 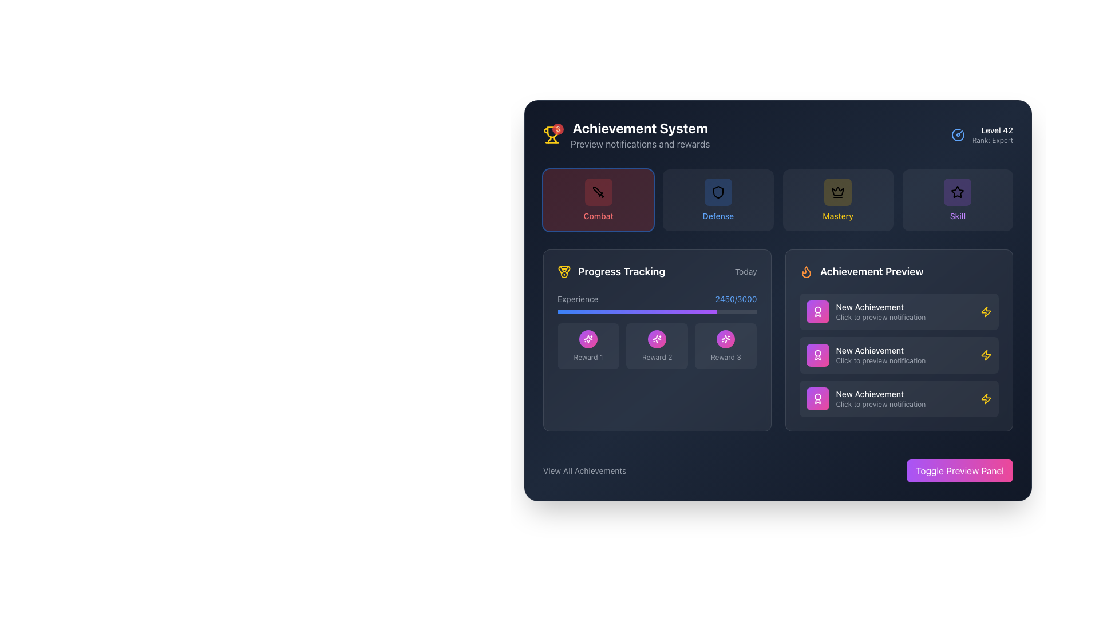 What do you see at coordinates (838, 200) in the screenshot?
I see `the 'mastery' selectable category button, which features a crowned icon in a muted yellow background and stylized yellow text below it` at bounding box center [838, 200].